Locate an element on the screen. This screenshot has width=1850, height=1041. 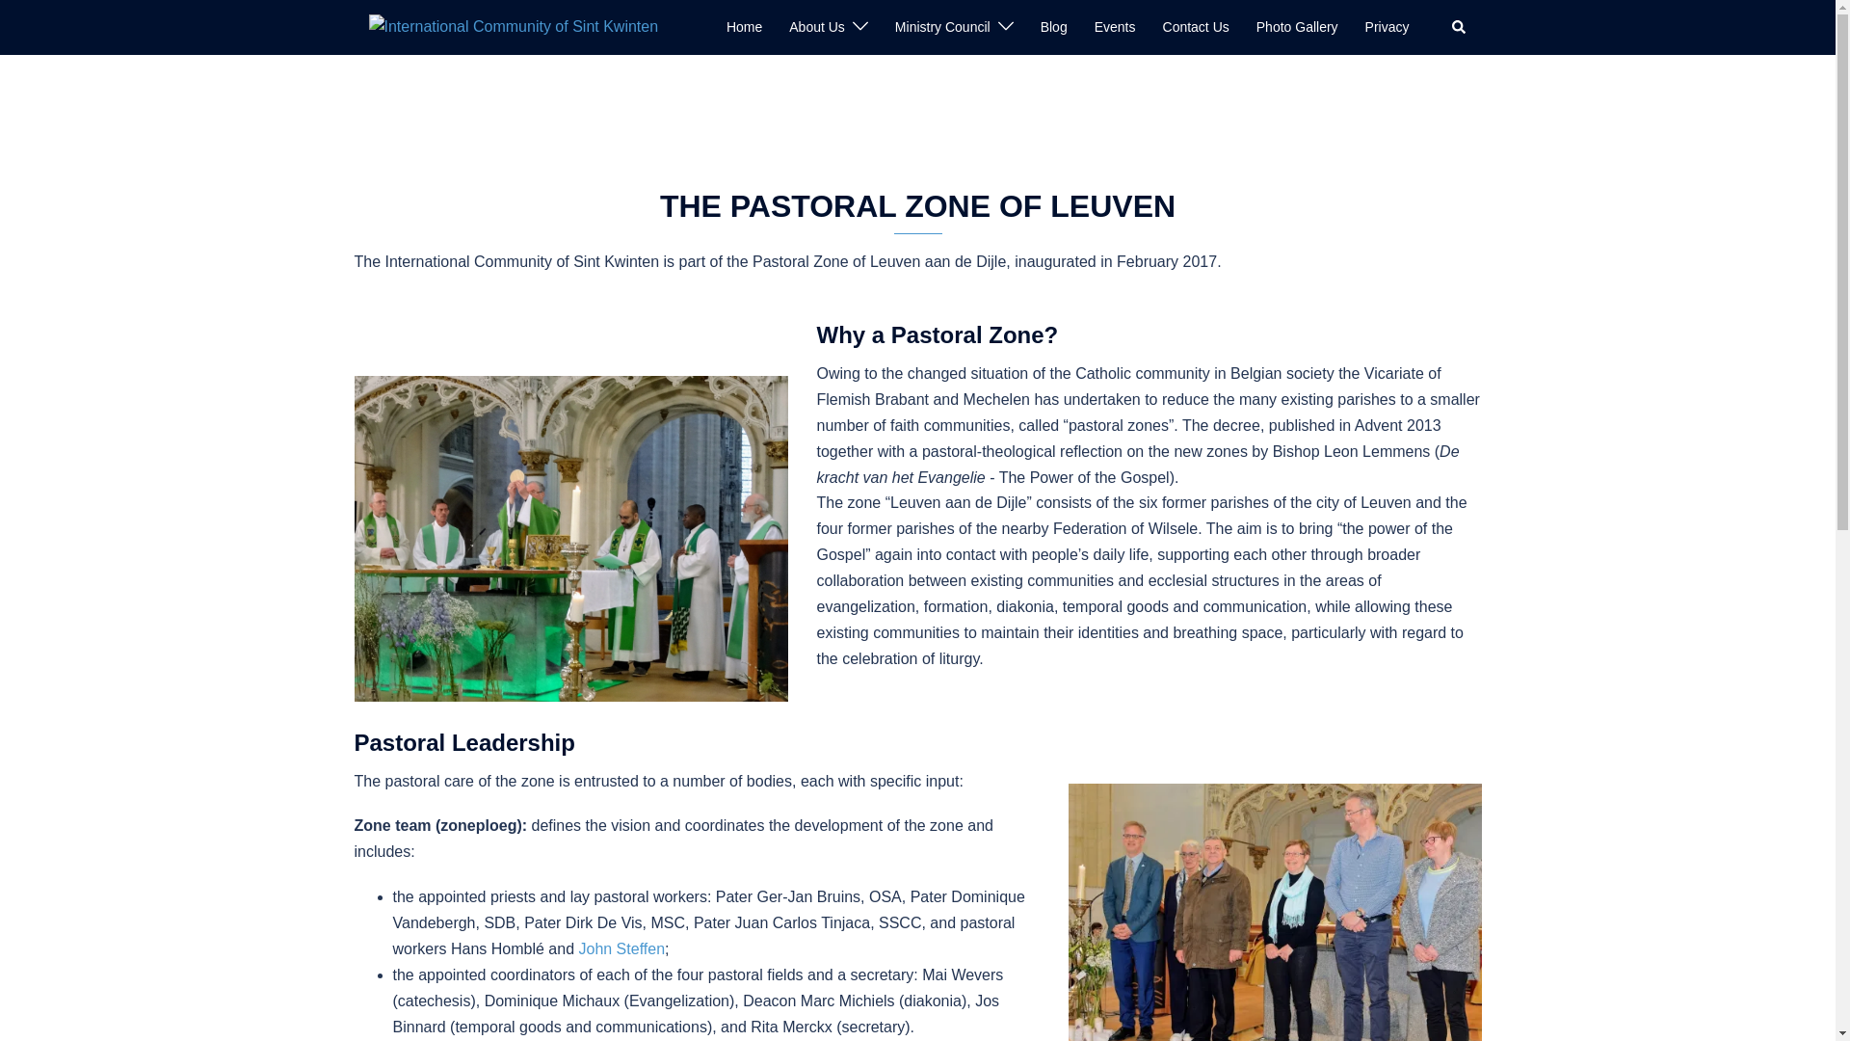
'John Steffen' is located at coordinates (620, 948).